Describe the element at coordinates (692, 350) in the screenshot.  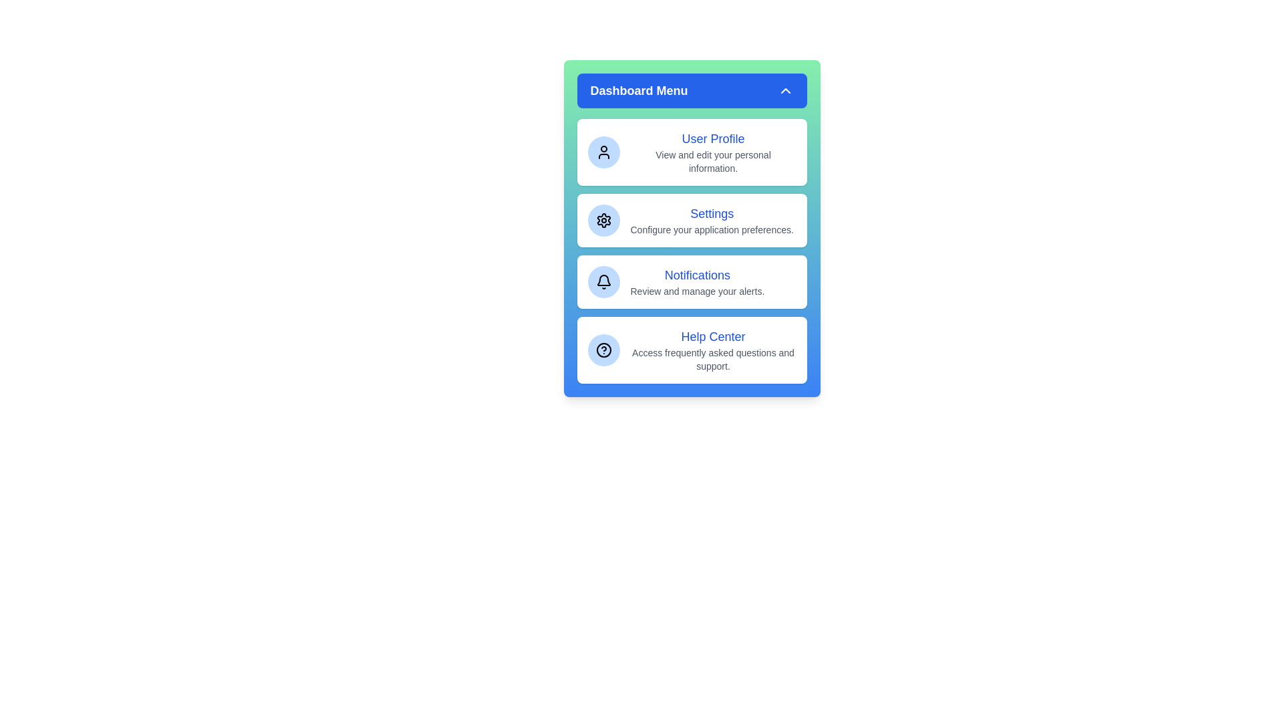
I see `the menu option Help Center` at that location.